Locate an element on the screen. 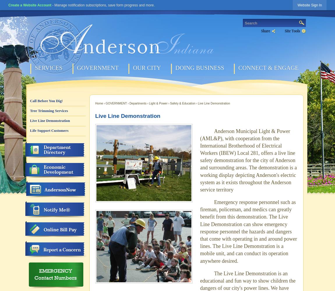  'Website Sign In' is located at coordinates (309, 5).